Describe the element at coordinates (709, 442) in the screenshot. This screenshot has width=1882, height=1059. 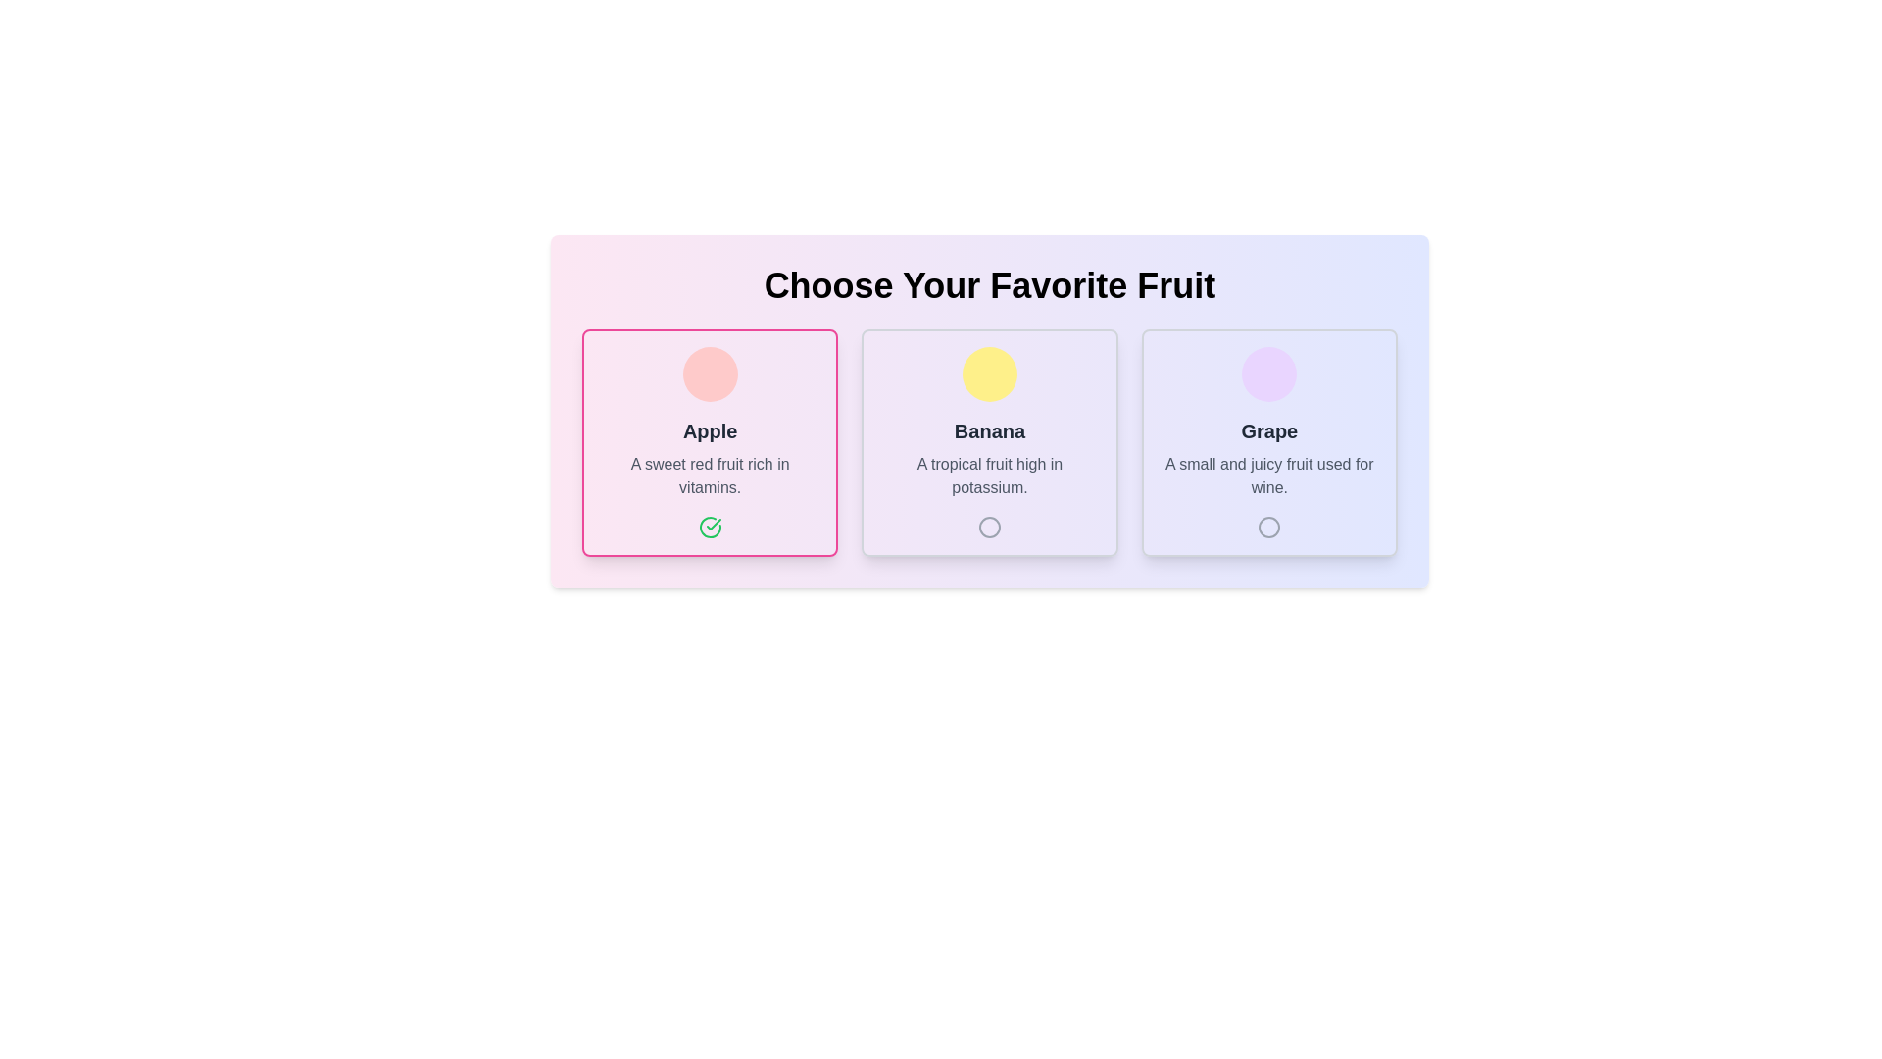
I see `the Apple card component` at that location.